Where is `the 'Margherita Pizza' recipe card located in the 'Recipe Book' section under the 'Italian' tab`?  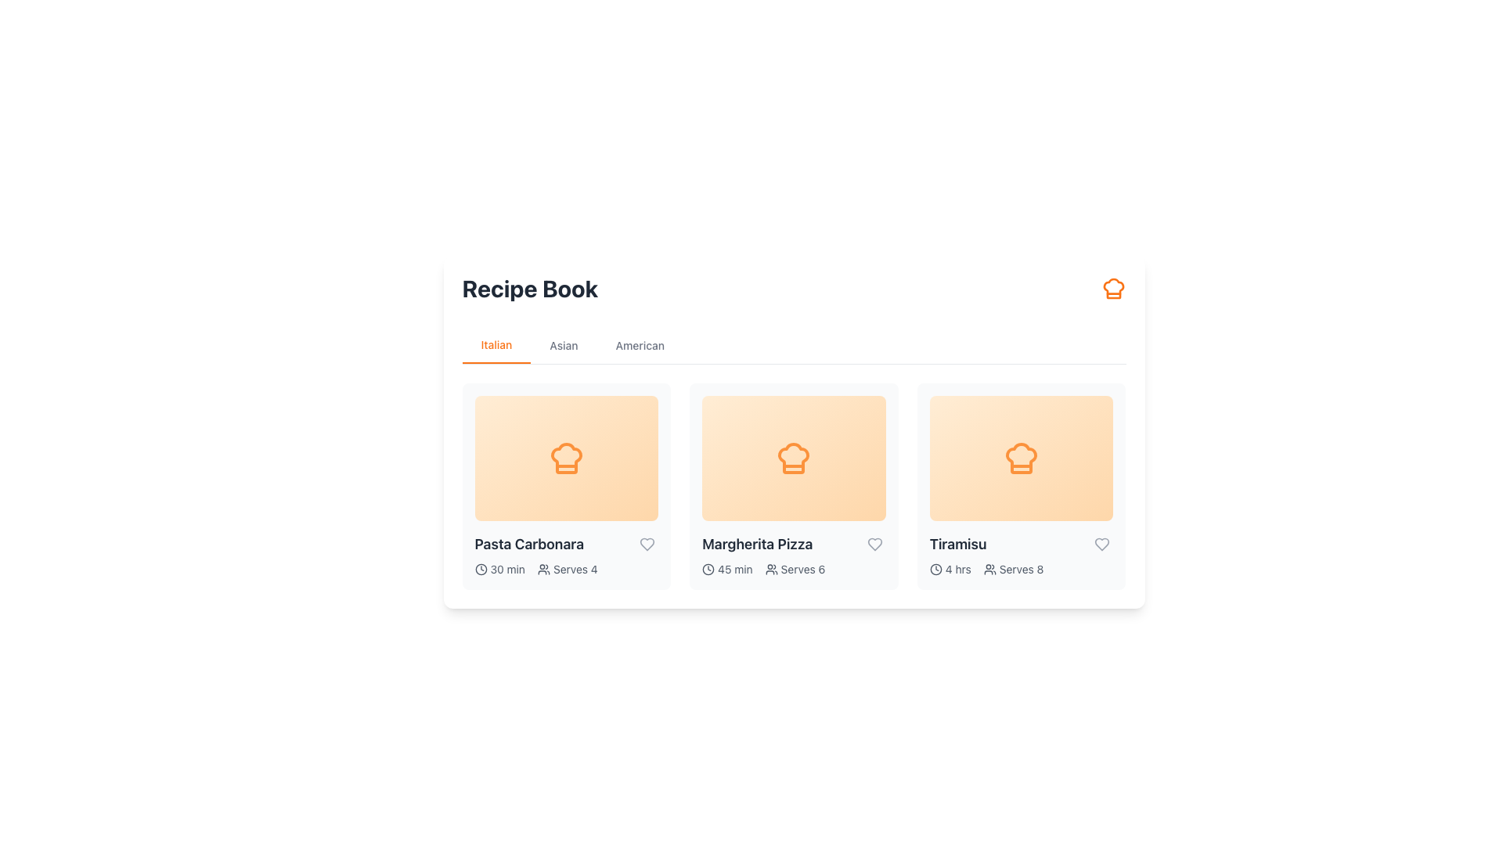 the 'Margherita Pizza' recipe card located in the 'Recipe Book' section under the 'Italian' tab is located at coordinates (794, 485).